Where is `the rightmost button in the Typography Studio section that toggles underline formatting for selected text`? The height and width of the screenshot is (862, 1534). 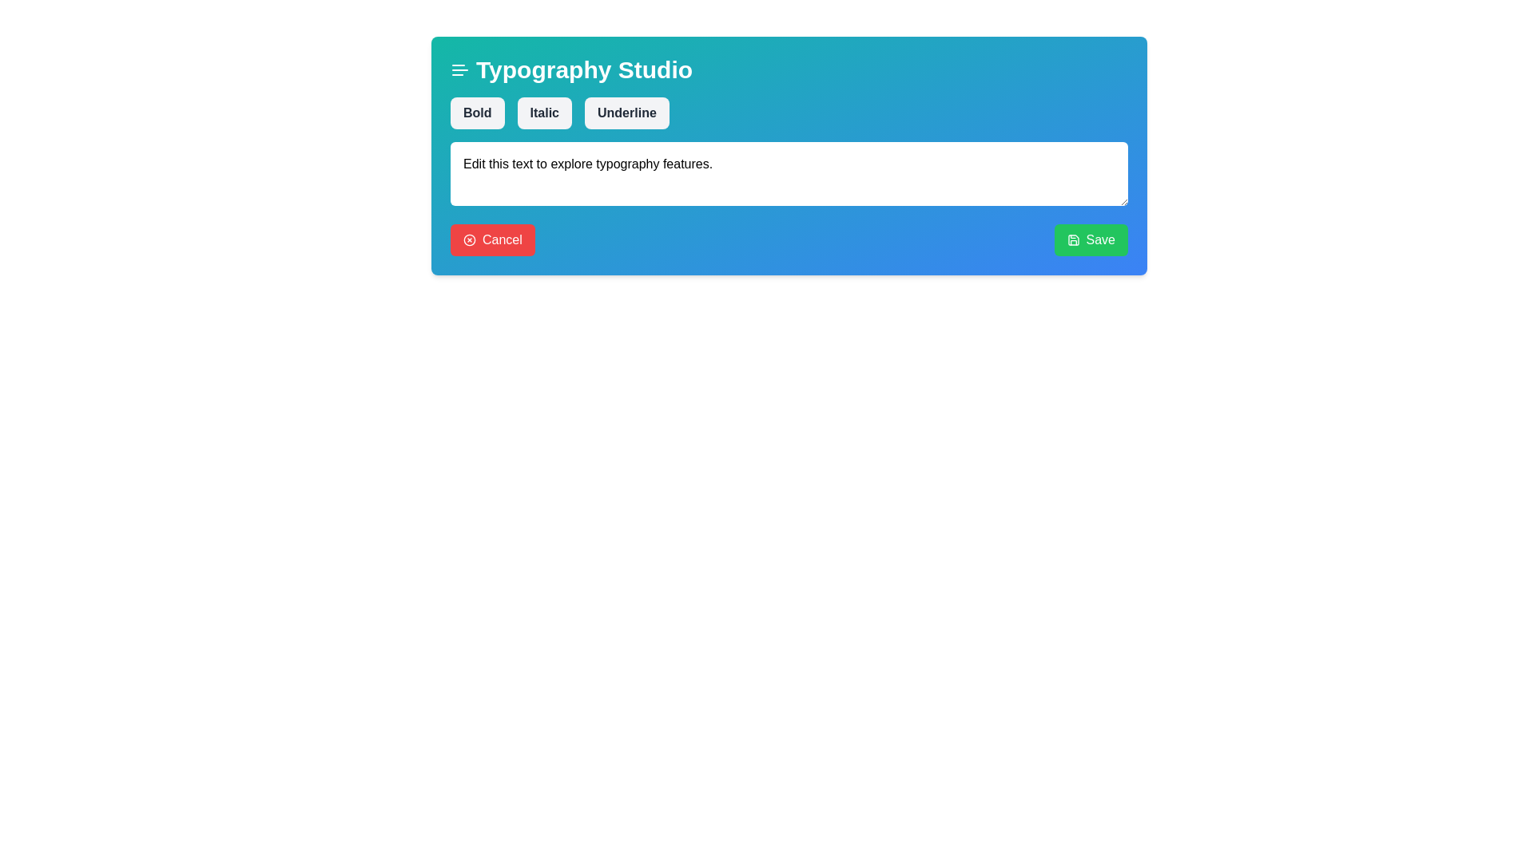 the rightmost button in the Typography Studio section that toggles underline formatting for selected text is located at coordinates (626, 113).